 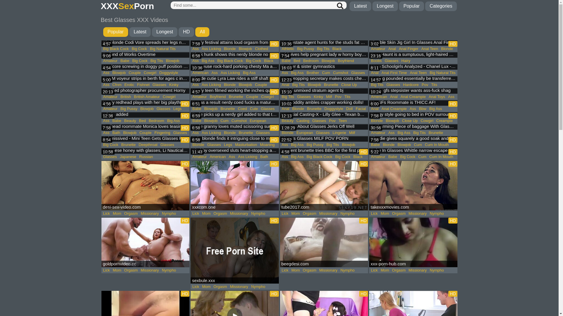 What do you see at coordinates (125, 61) in the screenshot?
I see `'Babe'` at bounding box center [125, 61].